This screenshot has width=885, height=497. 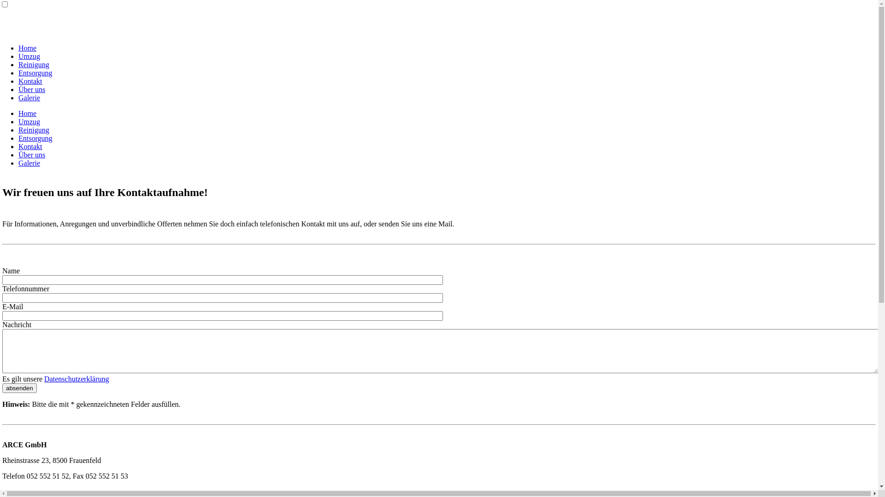 I want to click on 'Kontakt', so click(x=30, y=81).